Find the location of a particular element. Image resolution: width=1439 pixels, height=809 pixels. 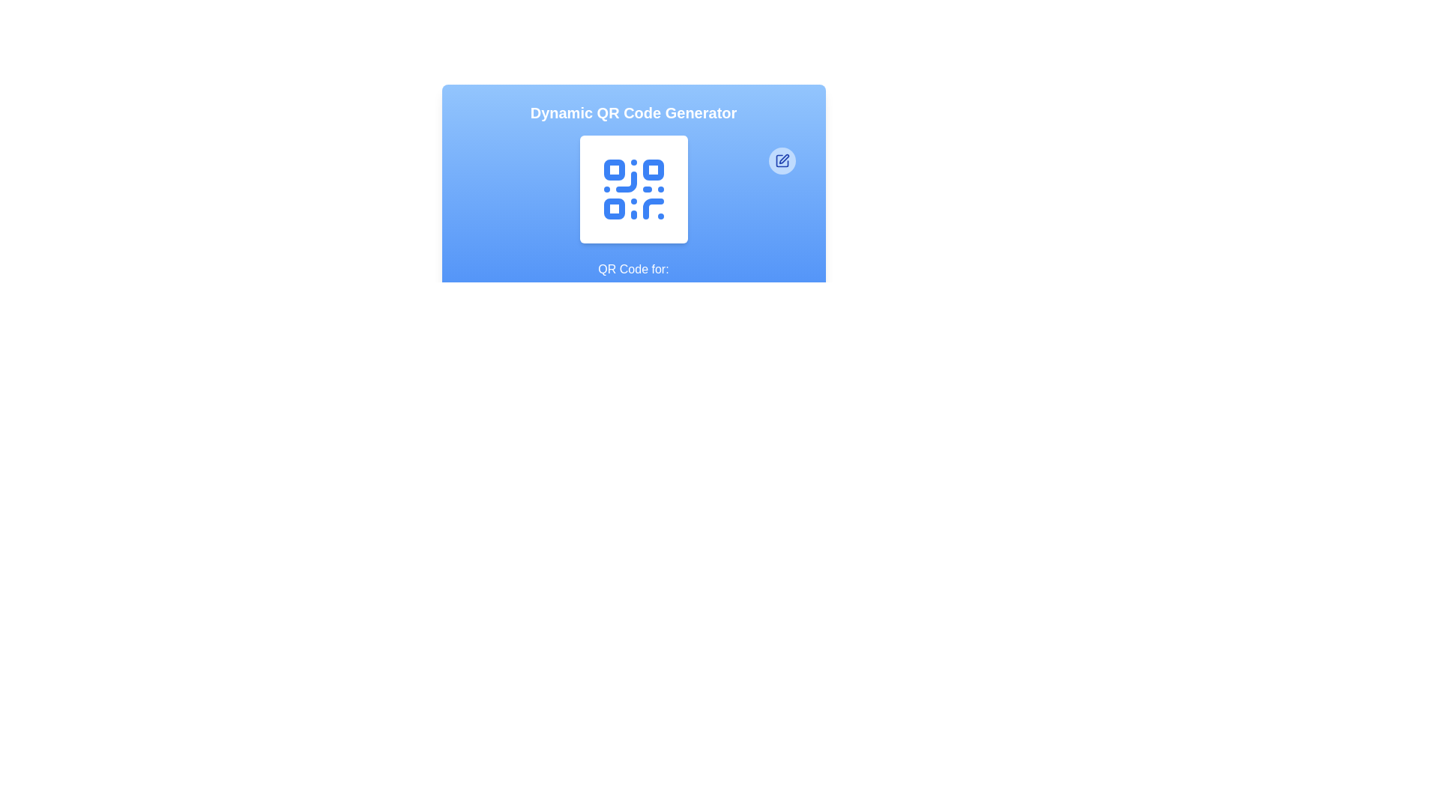

the vector graphic element within the QR code, which is prominently centered in the blue section of the interface and located to the left of the central portion is located at coordinates (626, 181).